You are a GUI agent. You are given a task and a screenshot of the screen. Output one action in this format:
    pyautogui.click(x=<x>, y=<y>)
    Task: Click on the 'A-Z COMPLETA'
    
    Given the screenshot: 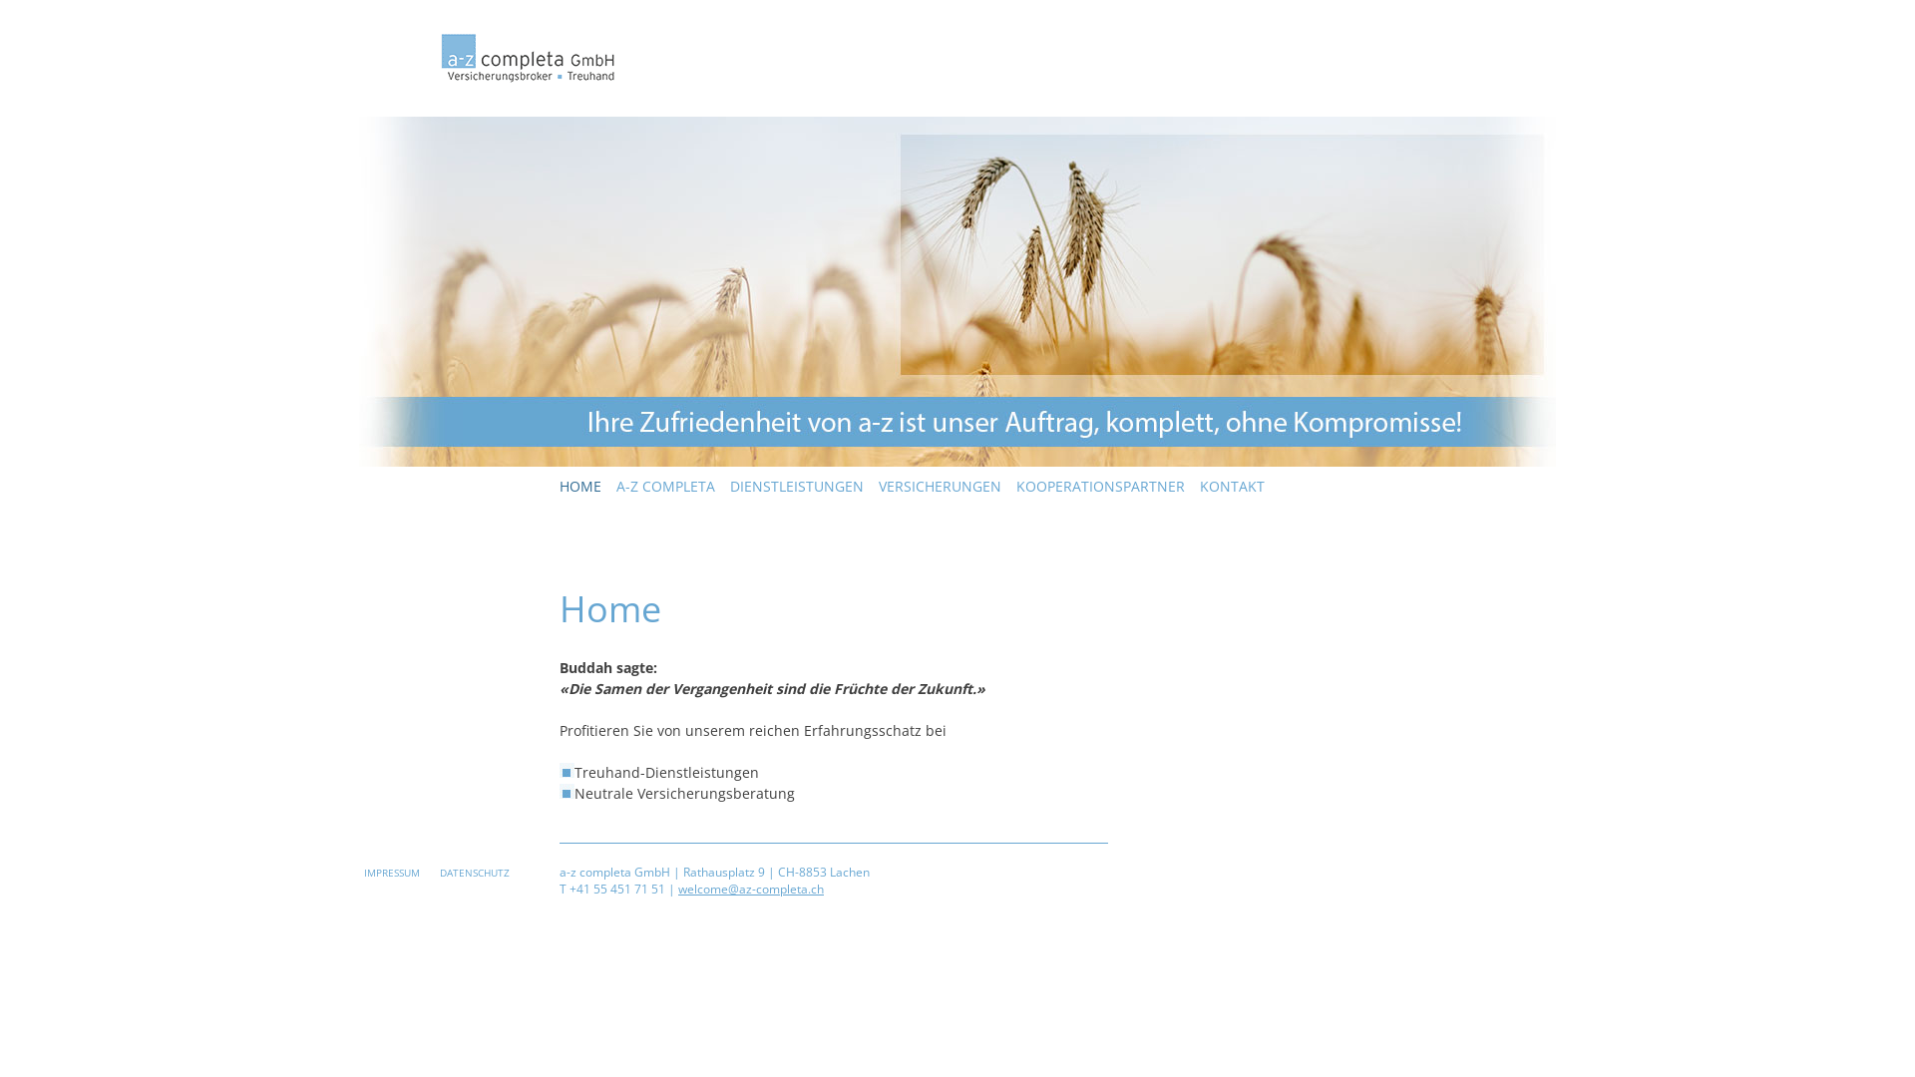 What is the action you would take?
    pyautogui.click(x=665, y=486)
    